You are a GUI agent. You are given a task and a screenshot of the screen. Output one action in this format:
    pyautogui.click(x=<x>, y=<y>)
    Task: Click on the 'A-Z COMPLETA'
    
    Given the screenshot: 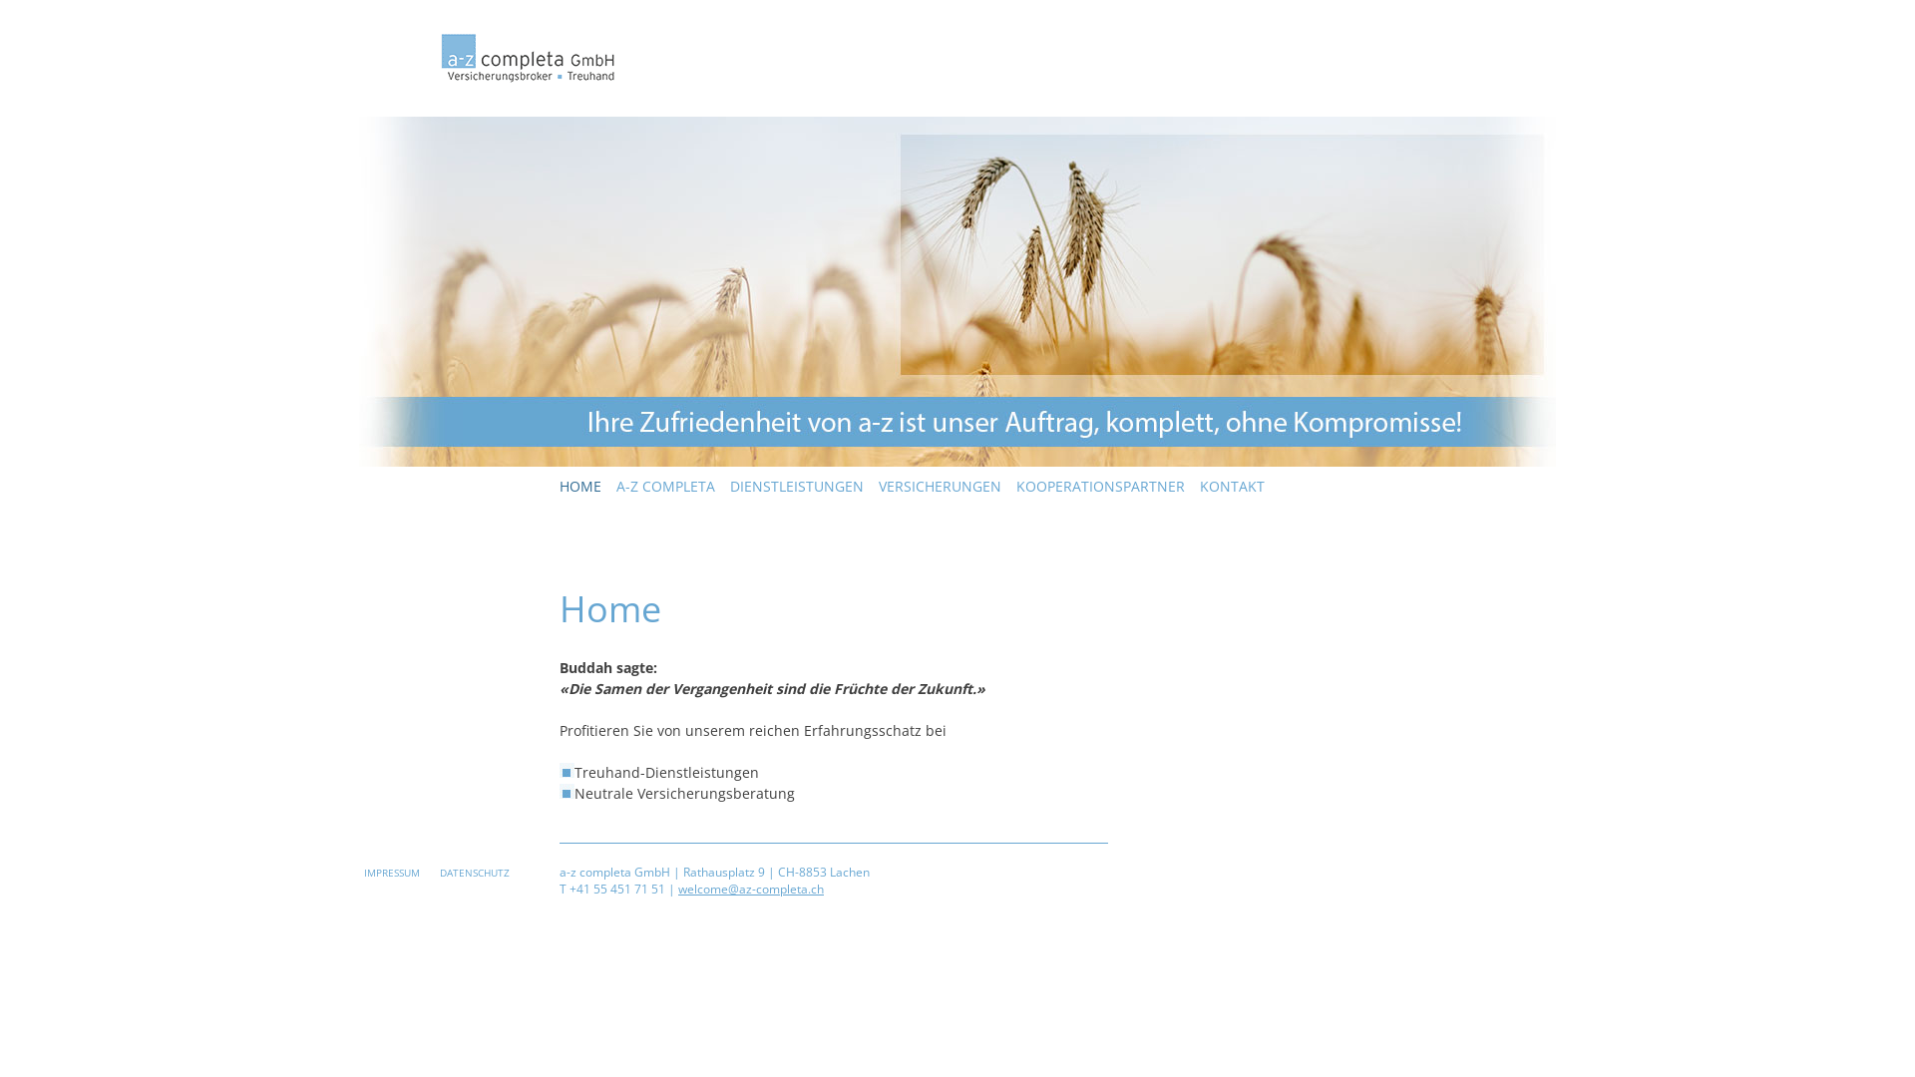 What is the action you would take?
    pyautogui.click(x=665, y=486)
    